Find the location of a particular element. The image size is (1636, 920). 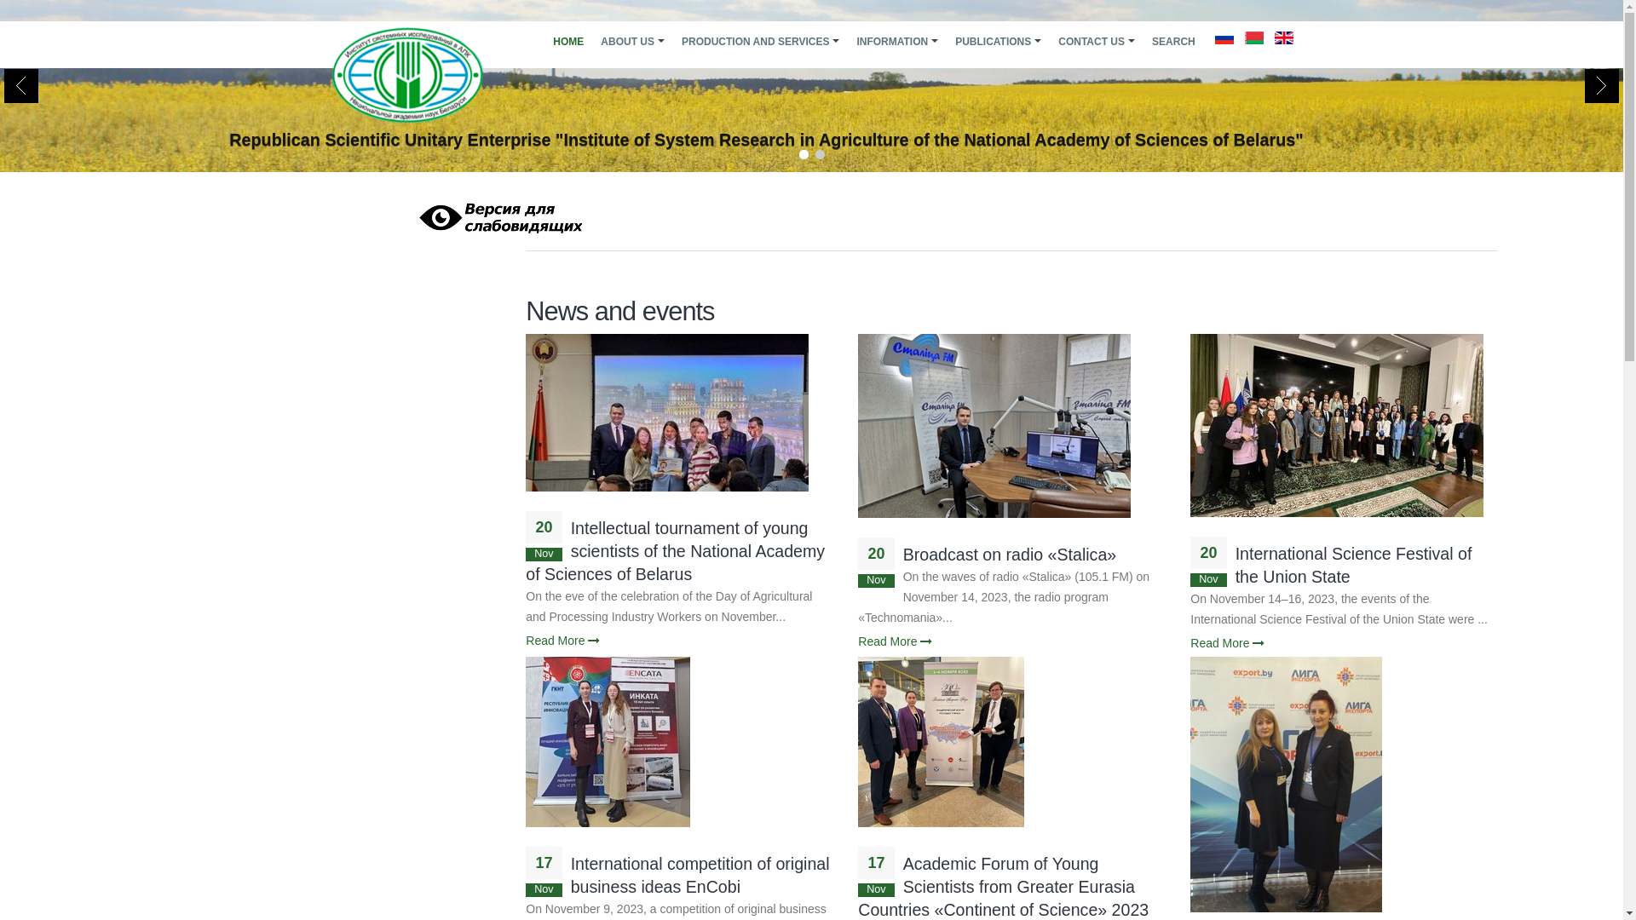

'CONTACT US' is located at coordinates (1050, 41).